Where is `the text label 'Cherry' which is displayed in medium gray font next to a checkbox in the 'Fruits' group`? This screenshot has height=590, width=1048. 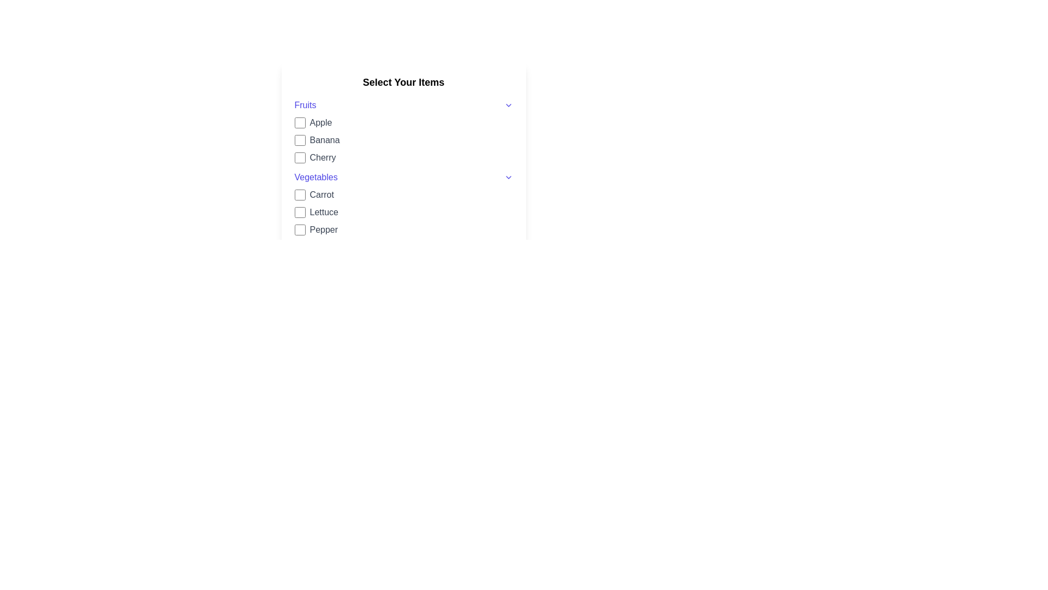 the text label 'Cherry' which is displayed in medium gray font next to a checkbox in the 'Fruits' group is located at coordinates (322, 158).